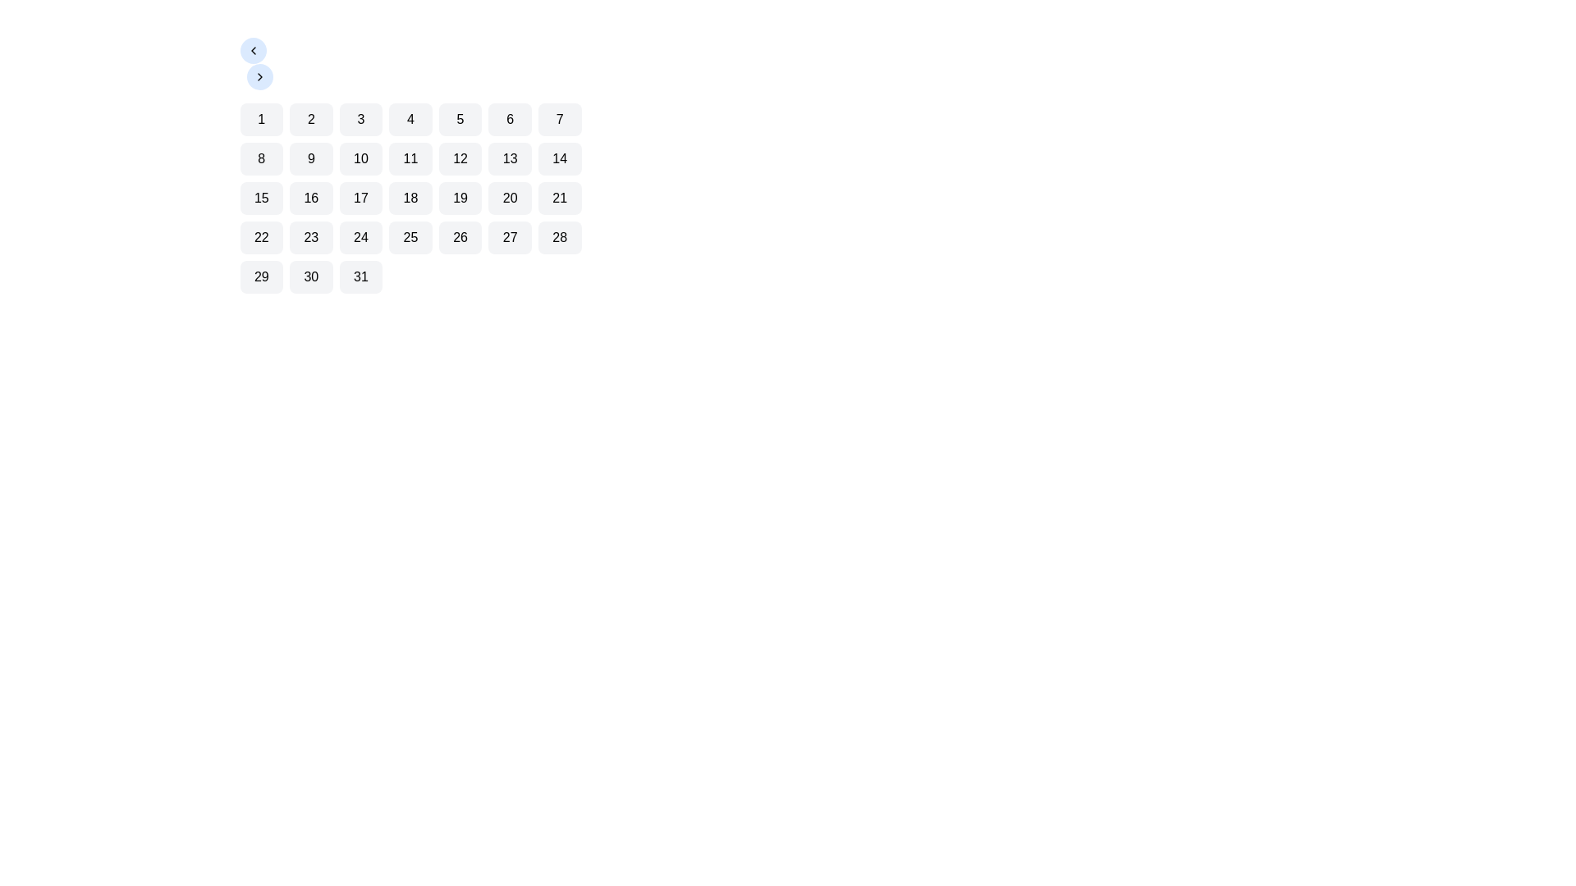 Image resolution: width=1576 pixels, height=886 pixels. I want to click on the button-like box representing a date in the calendar grid, located in the second row and seventh column, which is non-interactive, so click(509, 158).